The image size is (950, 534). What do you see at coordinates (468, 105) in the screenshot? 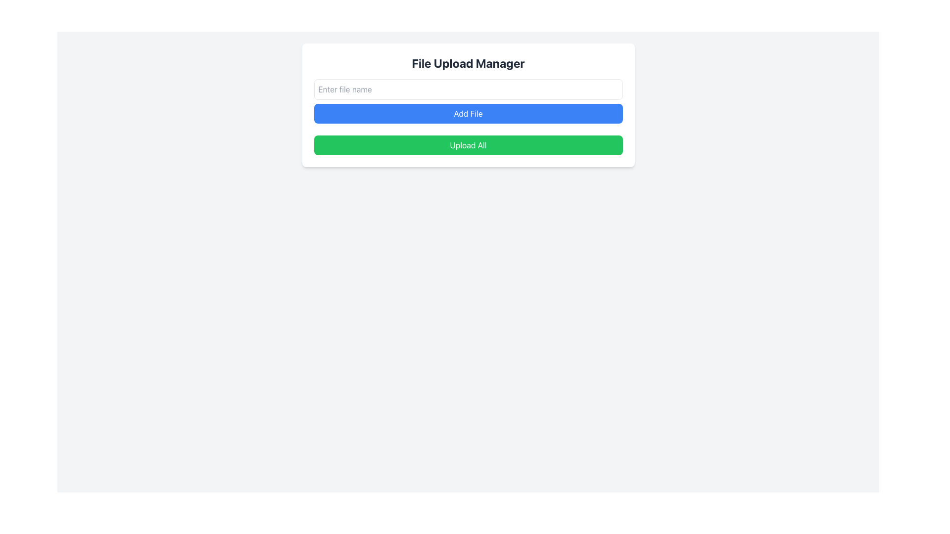
I see `the rectangular blue button labeled 'Add File', which is positioned centrally below the 'Enter file name' input box and above the 'Upload All' green button` at bounding box center [468, 105].